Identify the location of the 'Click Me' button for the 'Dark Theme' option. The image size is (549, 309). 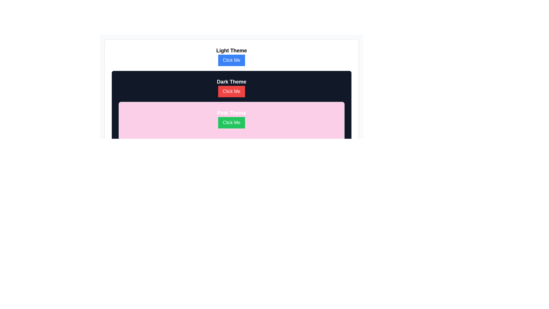
(232, 87).